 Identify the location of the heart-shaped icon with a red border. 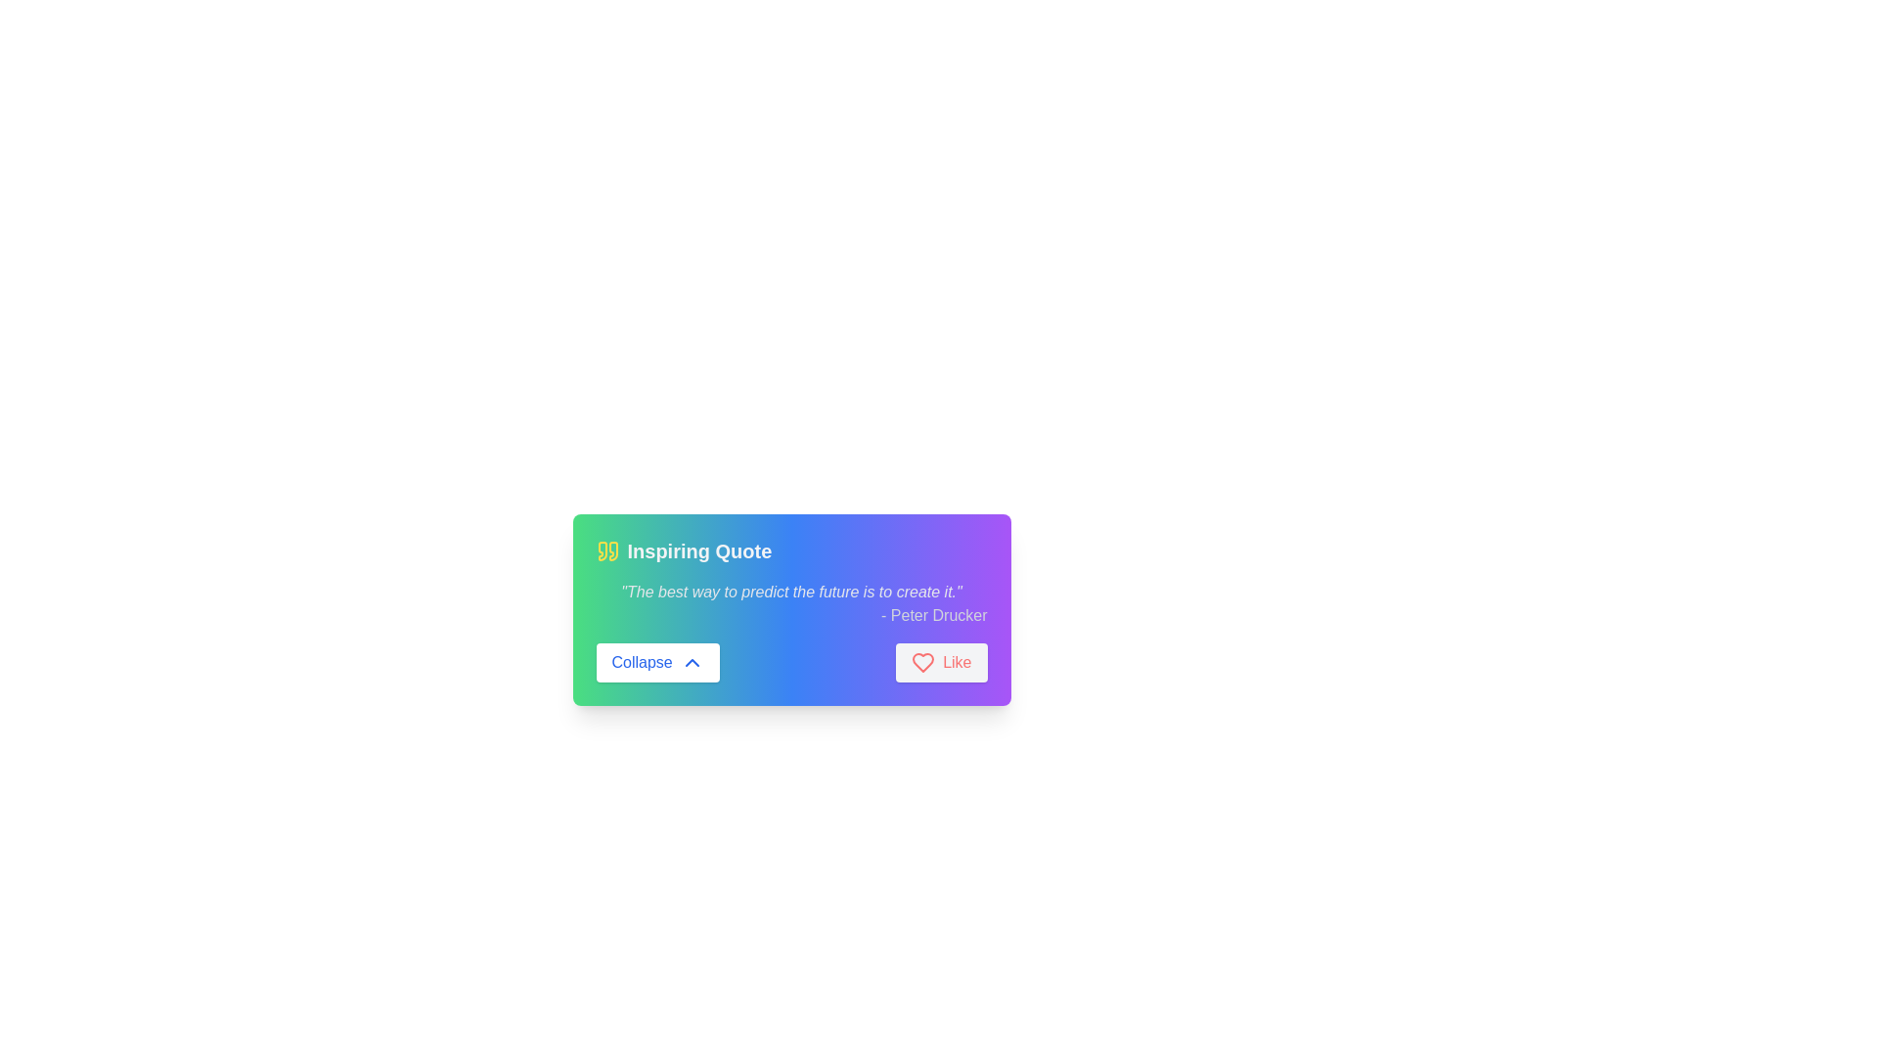
(922, 662).